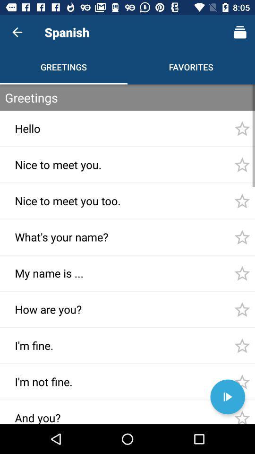 The width and height of the screenshot is (255, 454). I want to click on the star symbol beside im fine, so click(242, 345).